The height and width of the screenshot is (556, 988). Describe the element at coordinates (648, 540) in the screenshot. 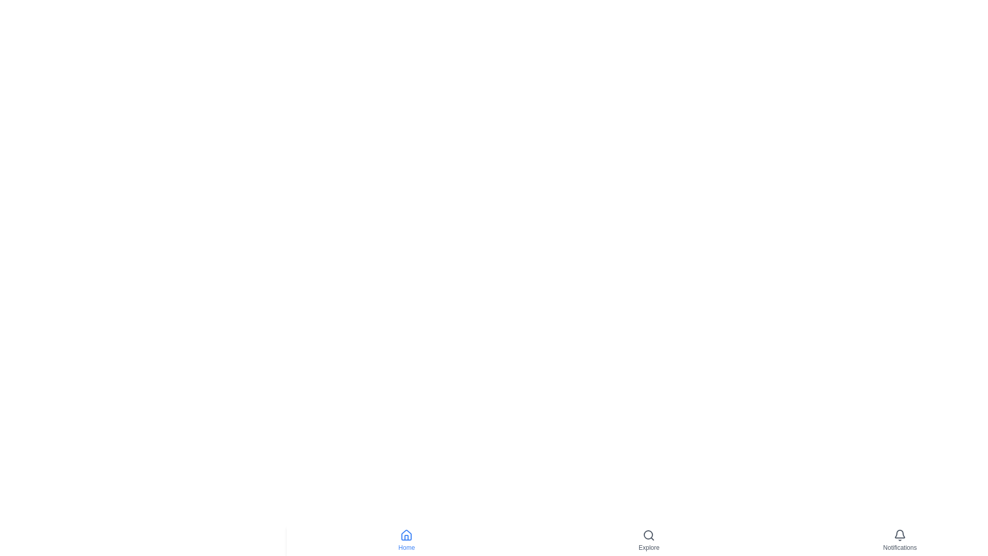

I see `the 'Explore' button with a magnifying glass icon, which is the second item` at that location.